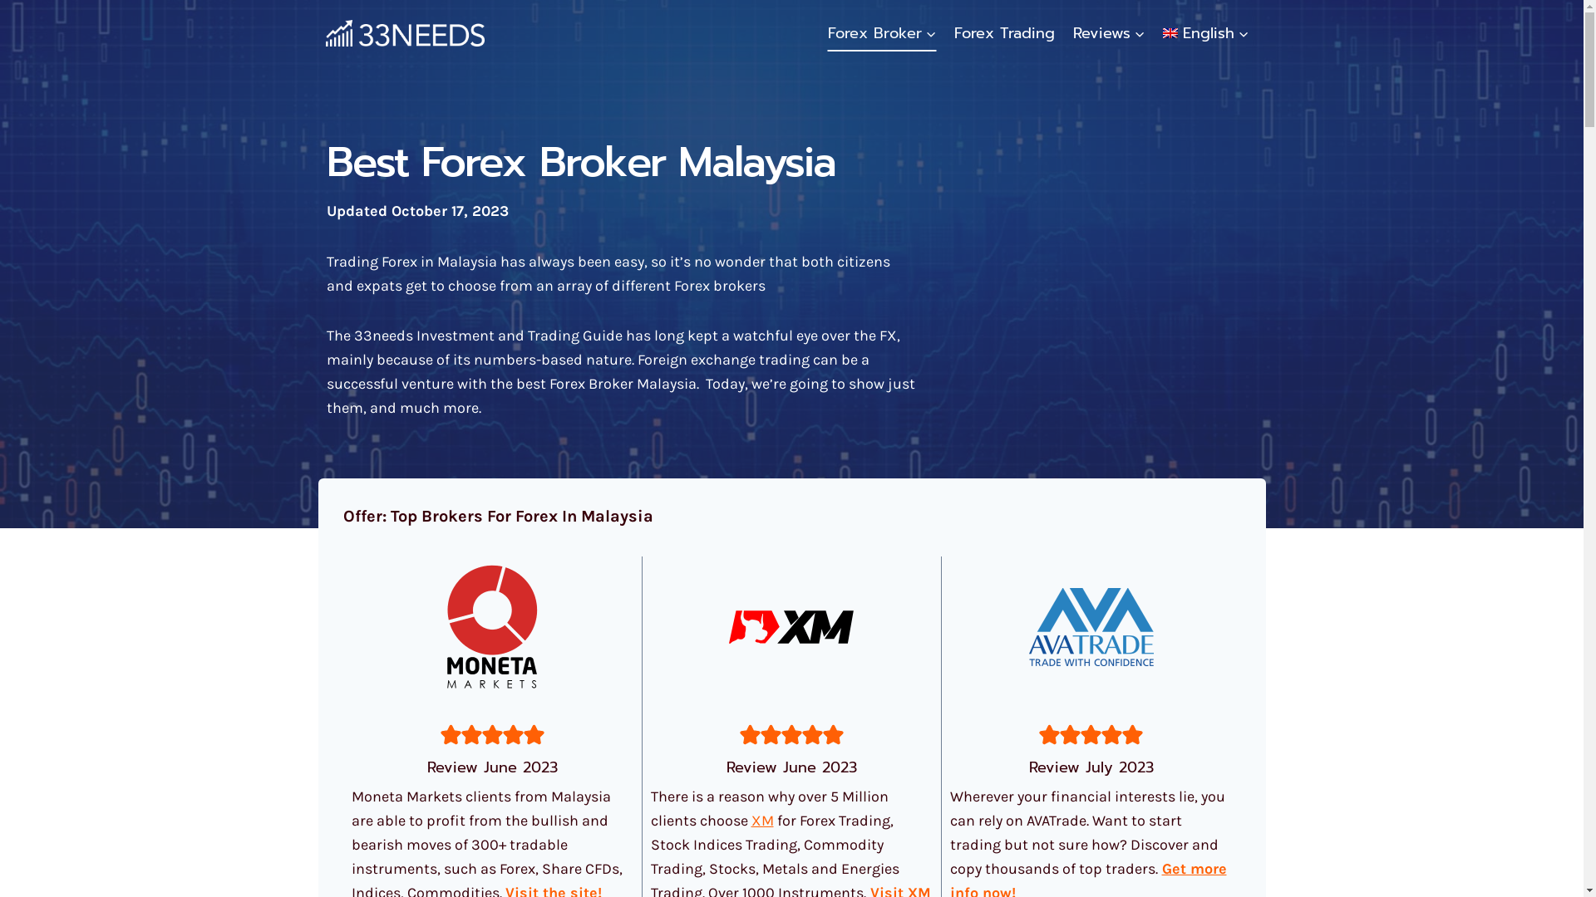 This screenshot has width=1596, height=897. Describe the element at coordinates (881, 32) in the screenshot. I see `'Forex Broker'` at that location.